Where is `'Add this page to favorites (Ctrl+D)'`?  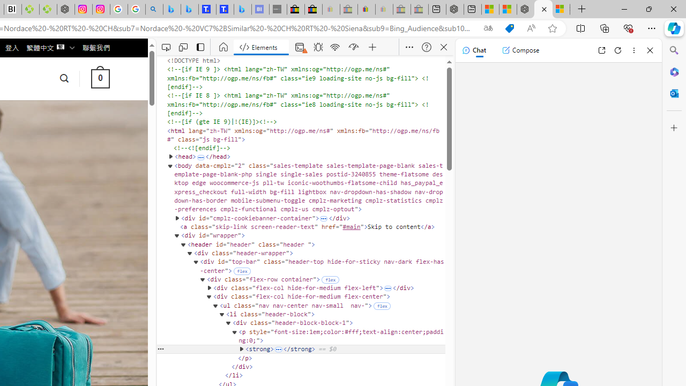 'Add this page to favorites (Ctrl+D)' is located at coordinates (553, 28).